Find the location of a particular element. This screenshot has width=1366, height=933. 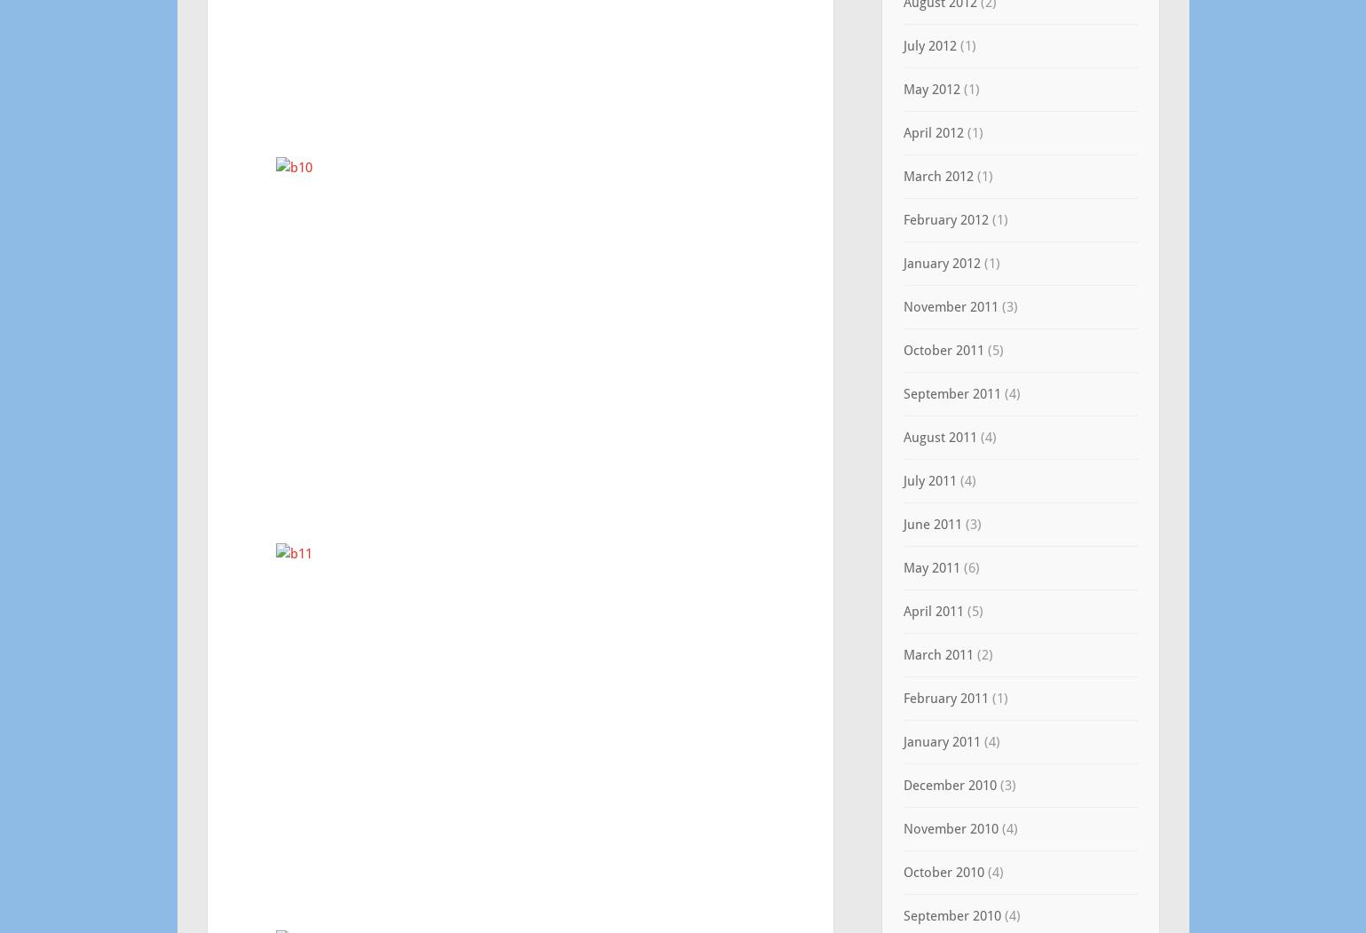

'September 2010' is located at coordinates (951, 914).